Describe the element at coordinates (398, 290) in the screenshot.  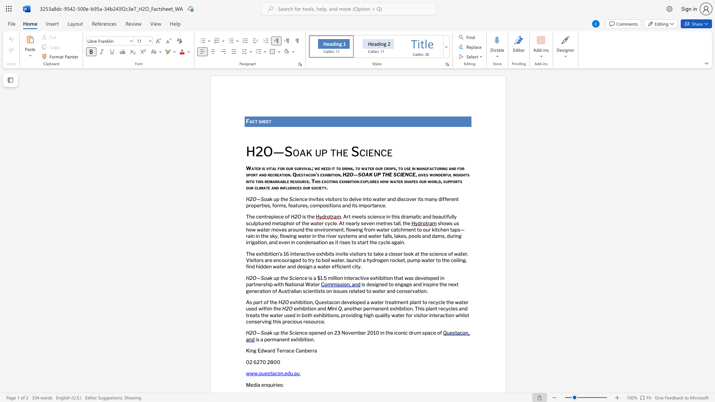
I see `the subset text "on" within the text "is designed to engage and inspire the next generation of Australian scientists on issues related to water and conservation."` at that location.